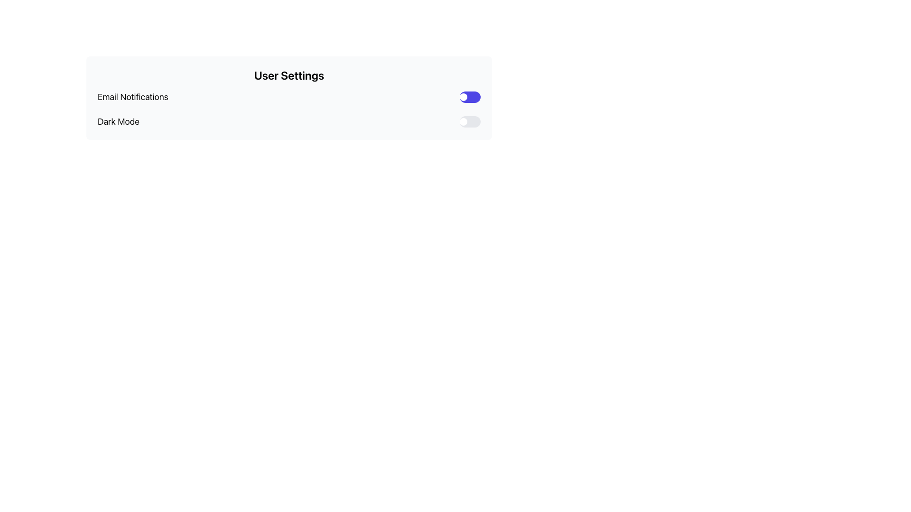 This screenshot has height=512, width=911. Describe the element at coordinates (470, 121) in the screenshot. I see `the 'Dark Mode' toggle switch` at that location.